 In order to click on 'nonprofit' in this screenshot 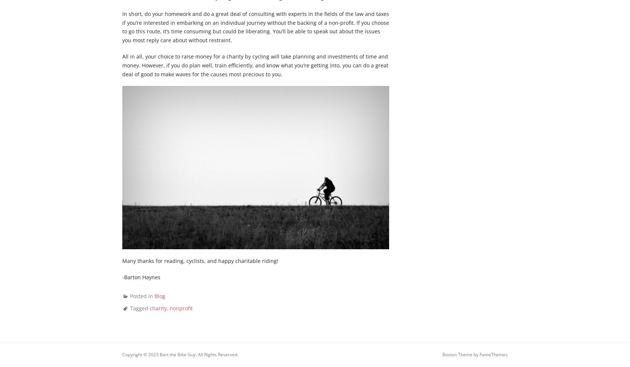, I will do `click(169, 308)`.